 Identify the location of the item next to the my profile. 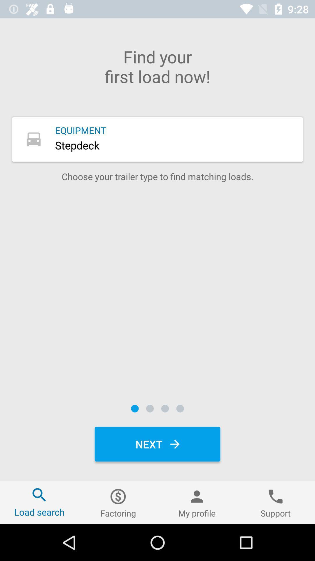
(276, 502).